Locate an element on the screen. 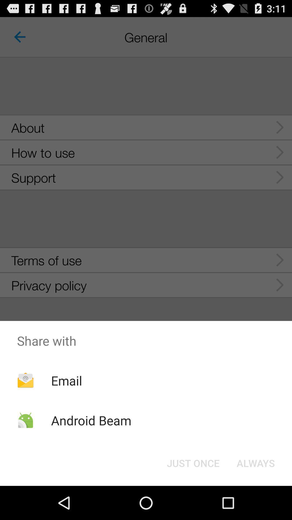  the icon below share with item is located at coordinates (66, 380).